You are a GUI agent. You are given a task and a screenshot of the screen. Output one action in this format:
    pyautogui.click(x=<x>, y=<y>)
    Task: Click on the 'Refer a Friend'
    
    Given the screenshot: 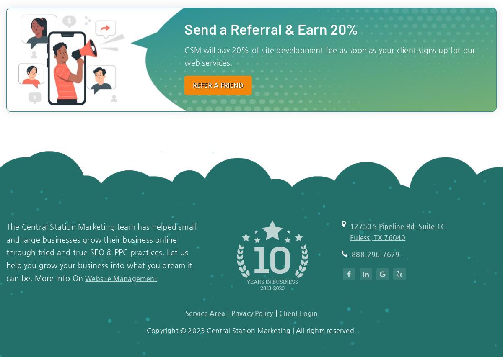 What is the action you would take?
    pyautogui.click(x=192, y=84)
    